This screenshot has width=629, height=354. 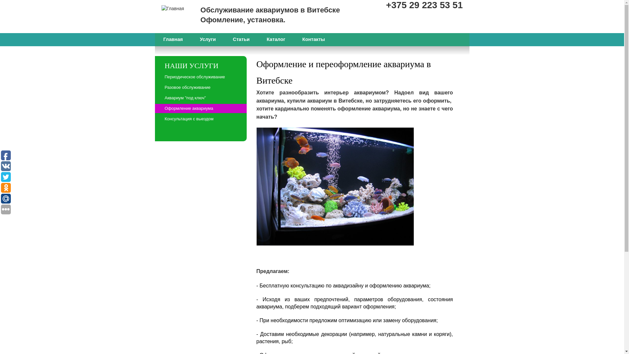 I want to click on '+375 29 223 53 51', so click(x=424, y=5).